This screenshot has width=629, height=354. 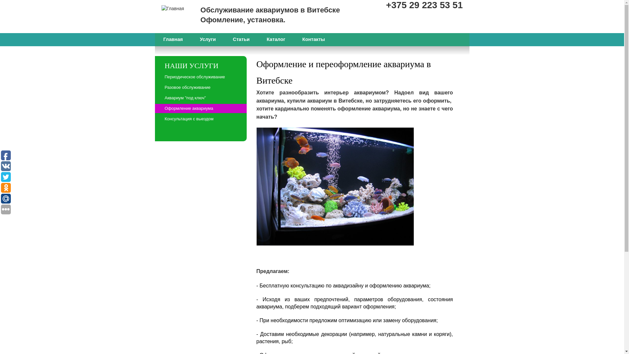 I want to click on '+375 29 223 53 51', so click(x=424, y=5).